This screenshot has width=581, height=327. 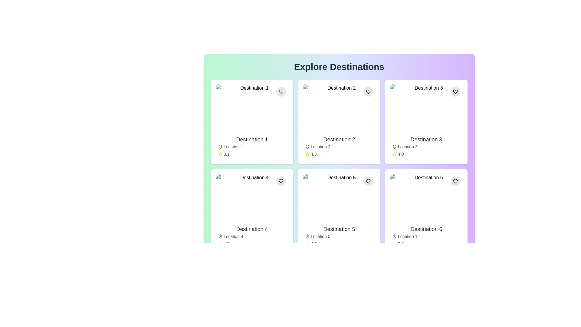 I want to click on title text of the destination located in the sixth card of the grid layout, positioned above the information about the location and ratings, so click(x=426, y=229).